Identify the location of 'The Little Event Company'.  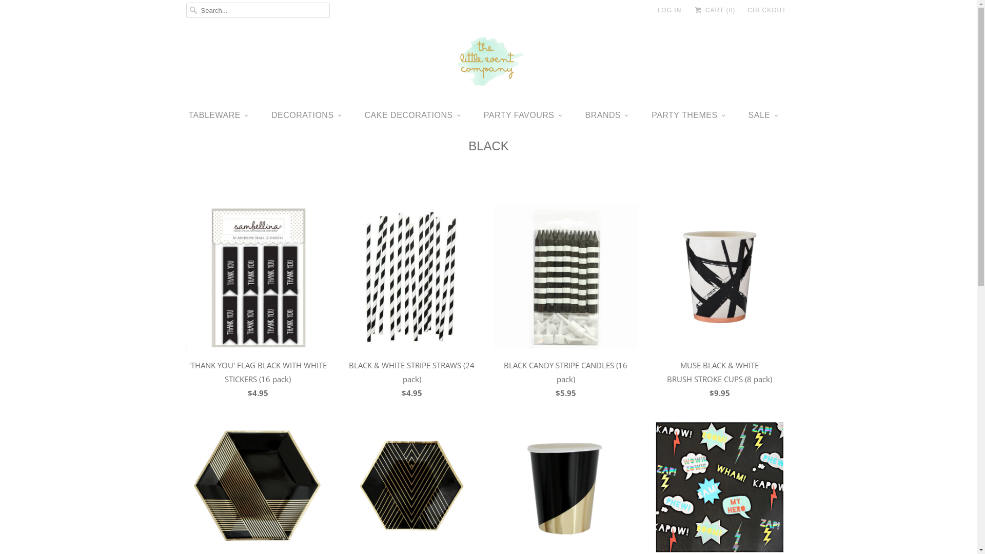
(487, 63).